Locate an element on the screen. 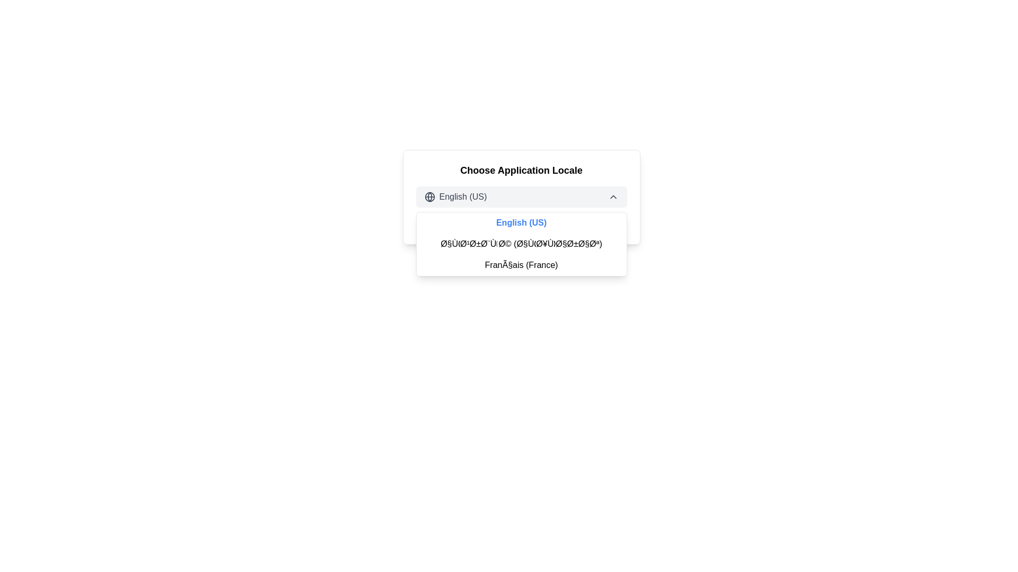 This screenshot has width=1018, height=572. the 'English (US)' menu item, which is a blue bold text link and the first option in the dropdown menu is located at coordinates (521, 222).